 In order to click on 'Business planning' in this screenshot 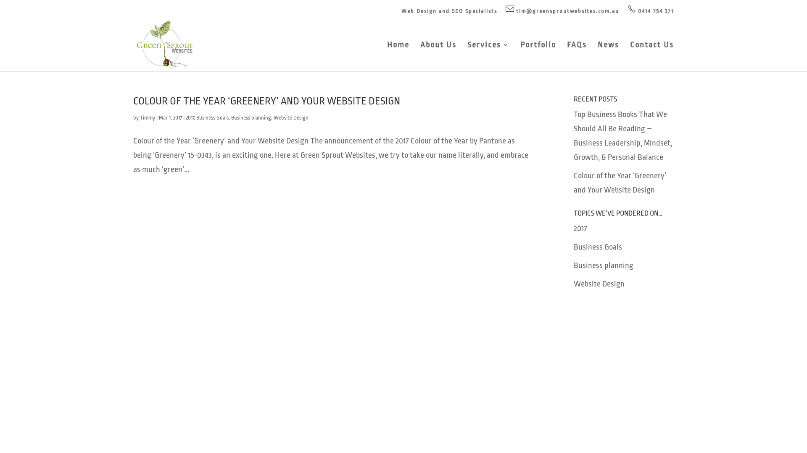, I will do `click(603, 265)`.